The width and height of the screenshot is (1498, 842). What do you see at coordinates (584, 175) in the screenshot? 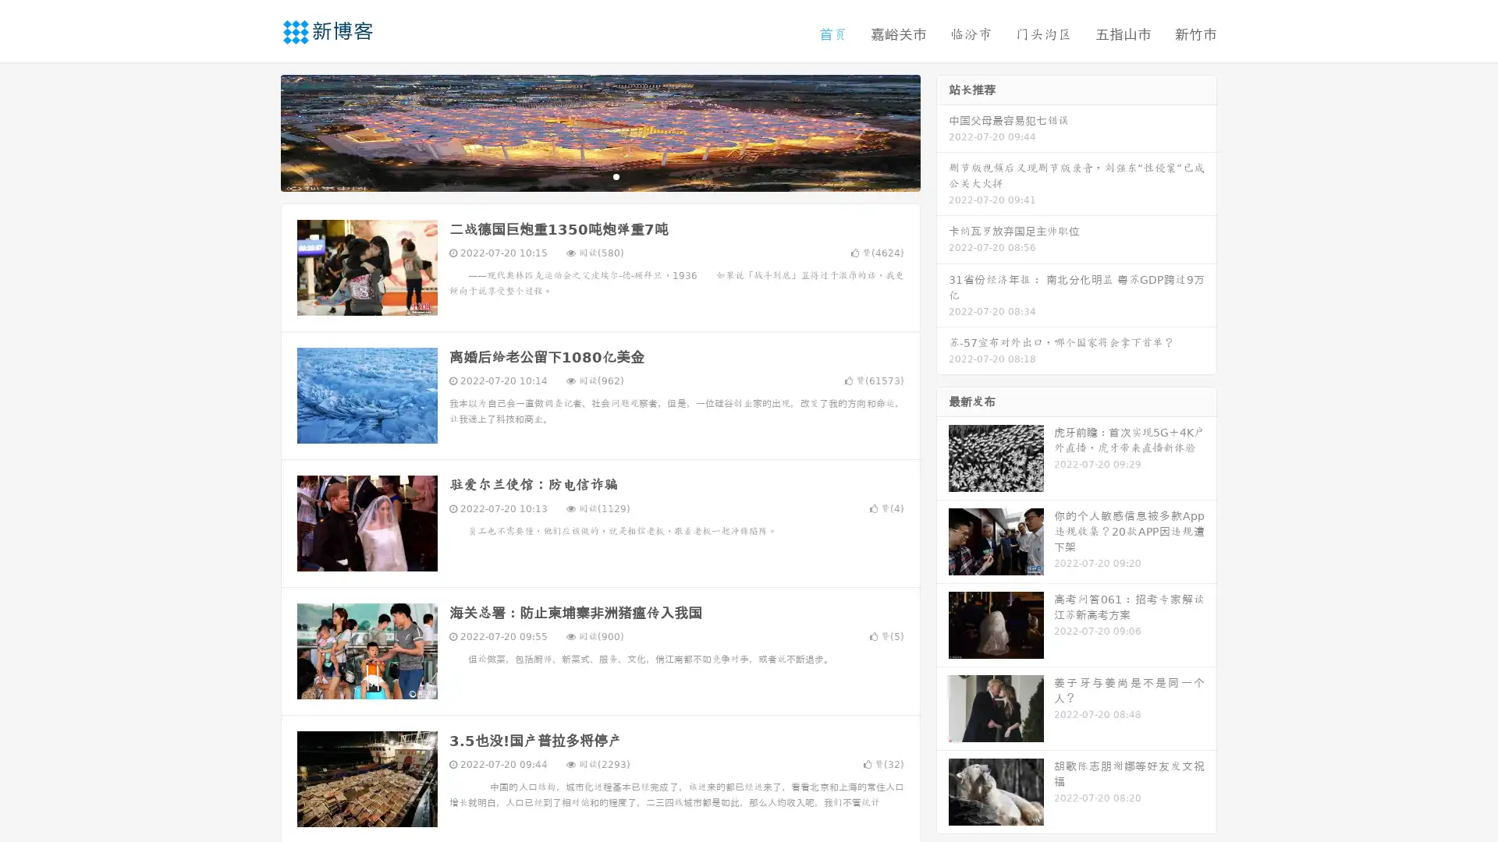
I see `Go to slide 1` at bounding box center [584, 175].